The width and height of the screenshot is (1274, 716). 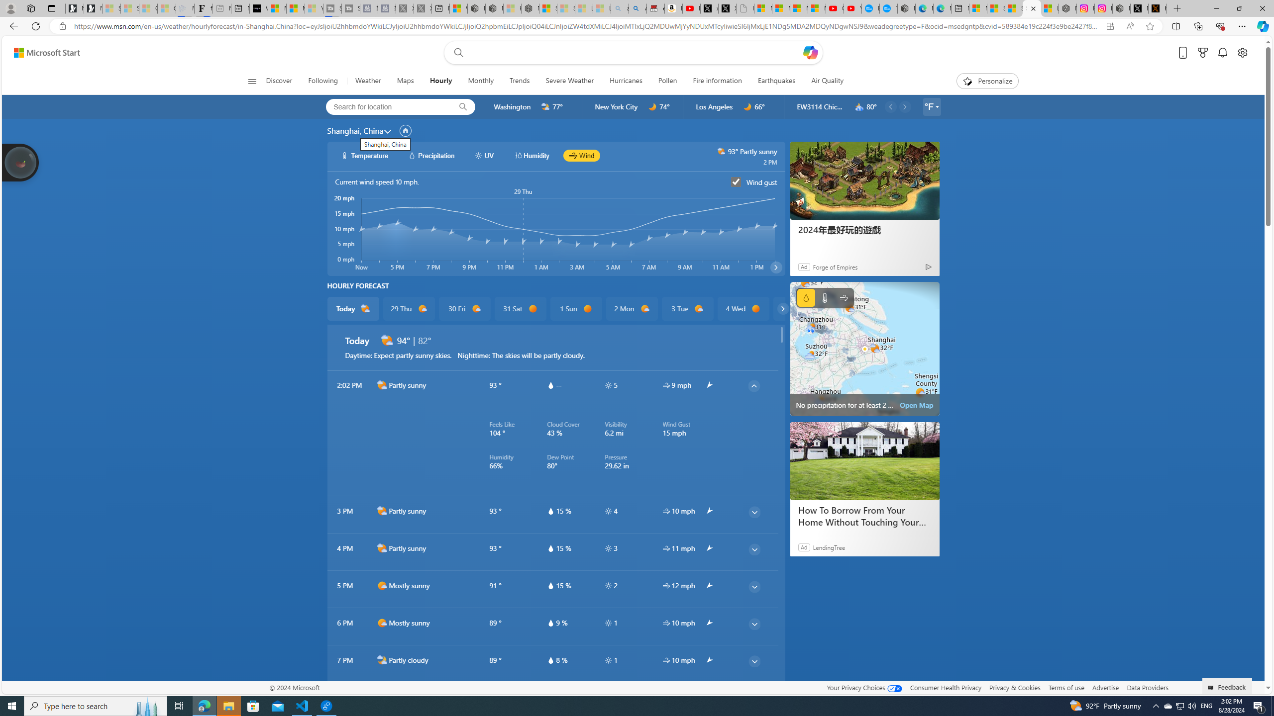 What do you see at coordinates (1139, 8) in the screenshot?
I see `'Nordace (@NordaceOfficial) / X'` at bounding box center [1139, 8].